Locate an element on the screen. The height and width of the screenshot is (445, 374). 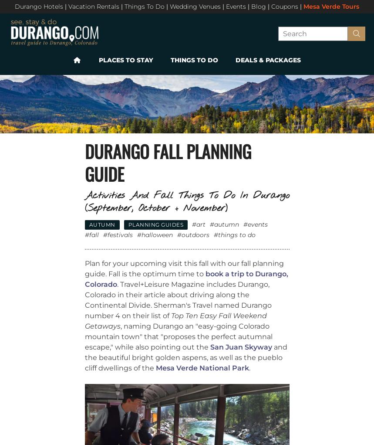
'Blog' is located at coordinates (258, 6).